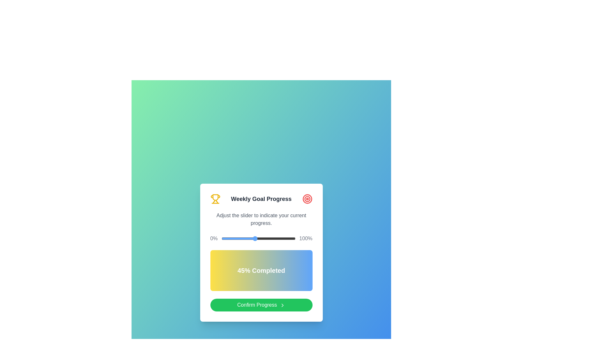 This screenshot has height=345, width=613. Describe the element at coordinates (244, 239) in the screenshot. I see `the progress slider to set the progress to 31%` at that location.